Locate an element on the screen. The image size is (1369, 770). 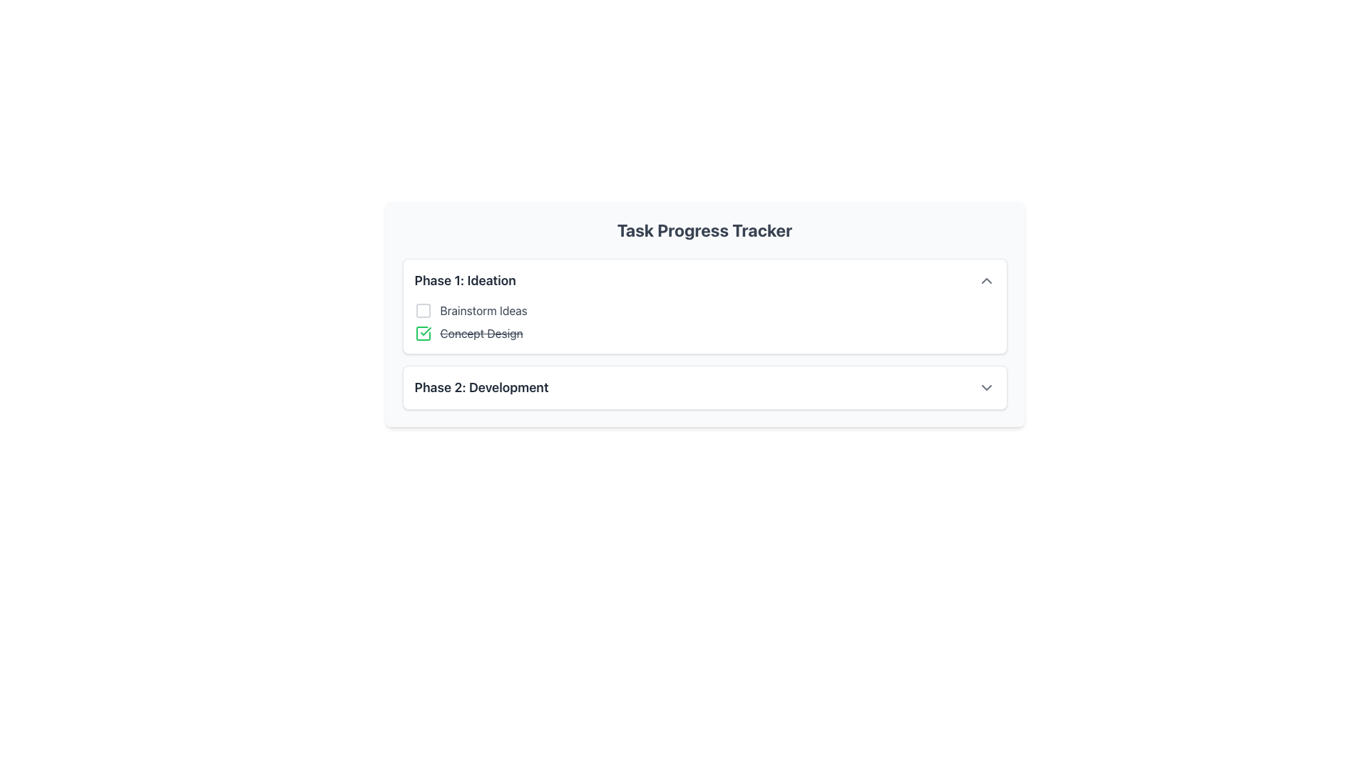
the visual feedback of the checkmark indicating the completion status of the 'Concept Design' task by hovering over it is located at coordinates (424, 332).